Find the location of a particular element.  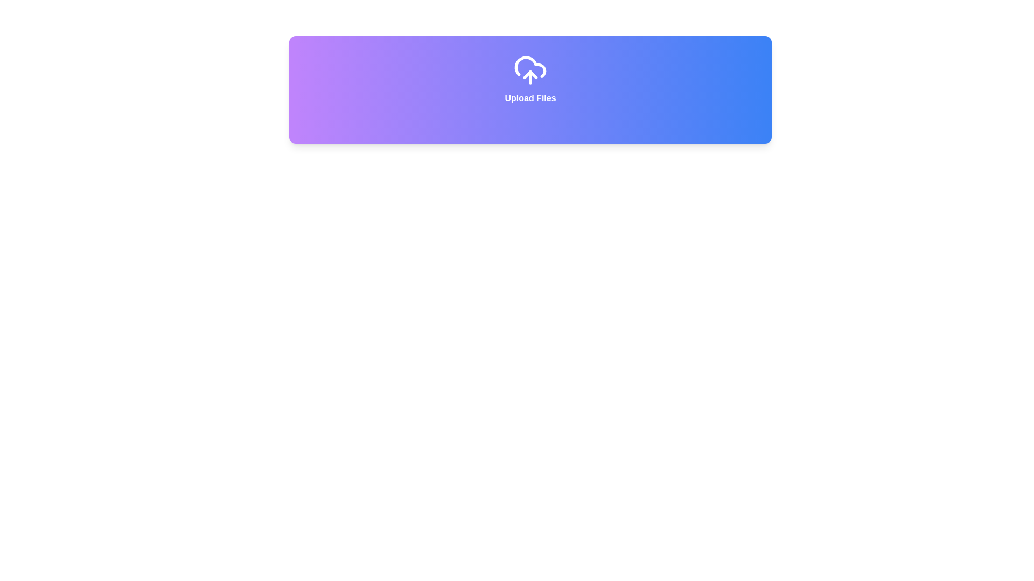

the interactive clickable area with a gradient background featuring a cloud upload icon and 'Upload Files' text is located at coordinates (530, 89).